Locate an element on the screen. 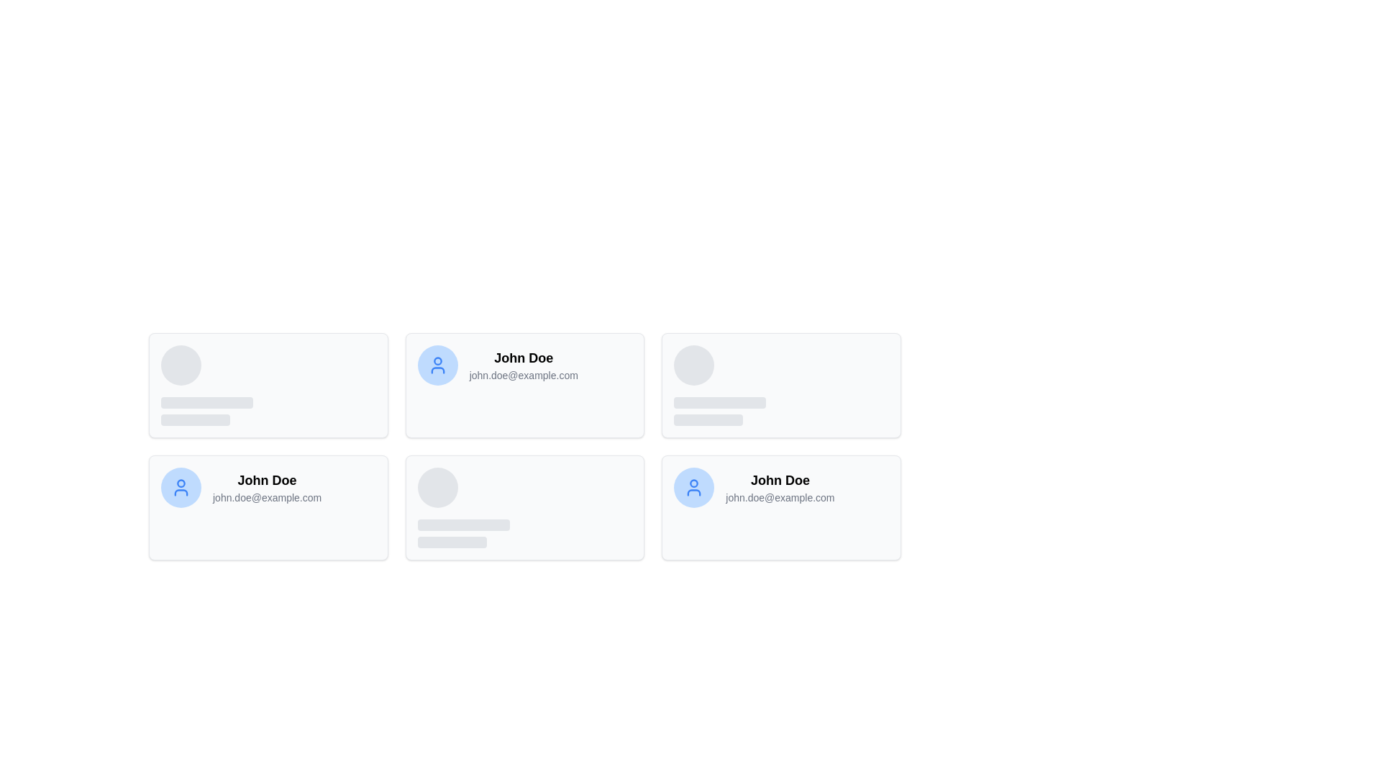  the placeholder element located in the top-right card of the grid, positioned below the circular placeholder image is located at coordinates (720, 411).